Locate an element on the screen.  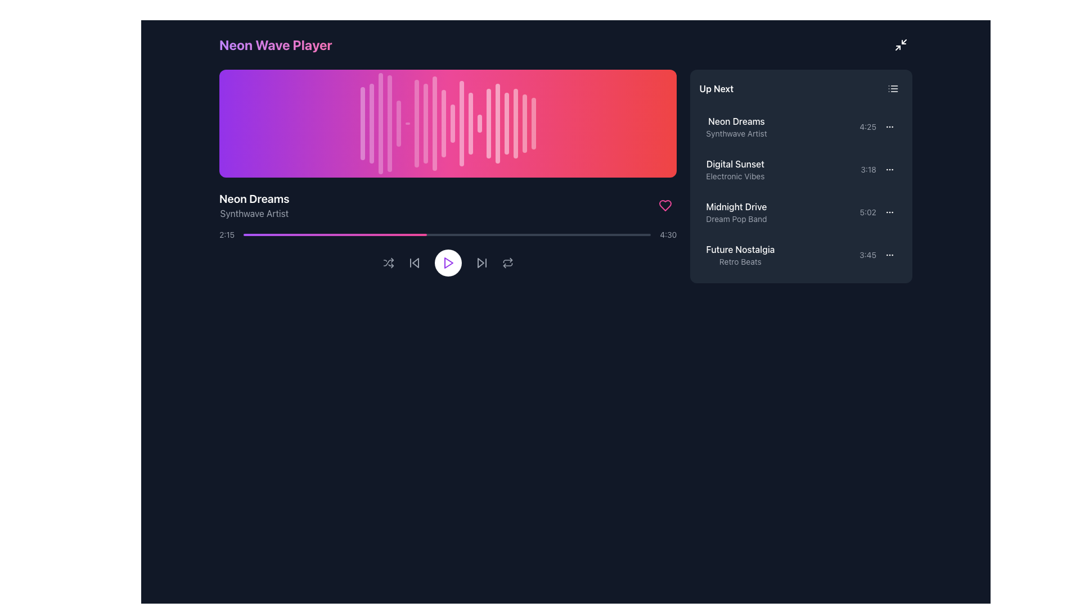
the text label indicating the currently playing track, located in the left-central portion of the interface below the waveform visual component is located at coordinates (254, 198).